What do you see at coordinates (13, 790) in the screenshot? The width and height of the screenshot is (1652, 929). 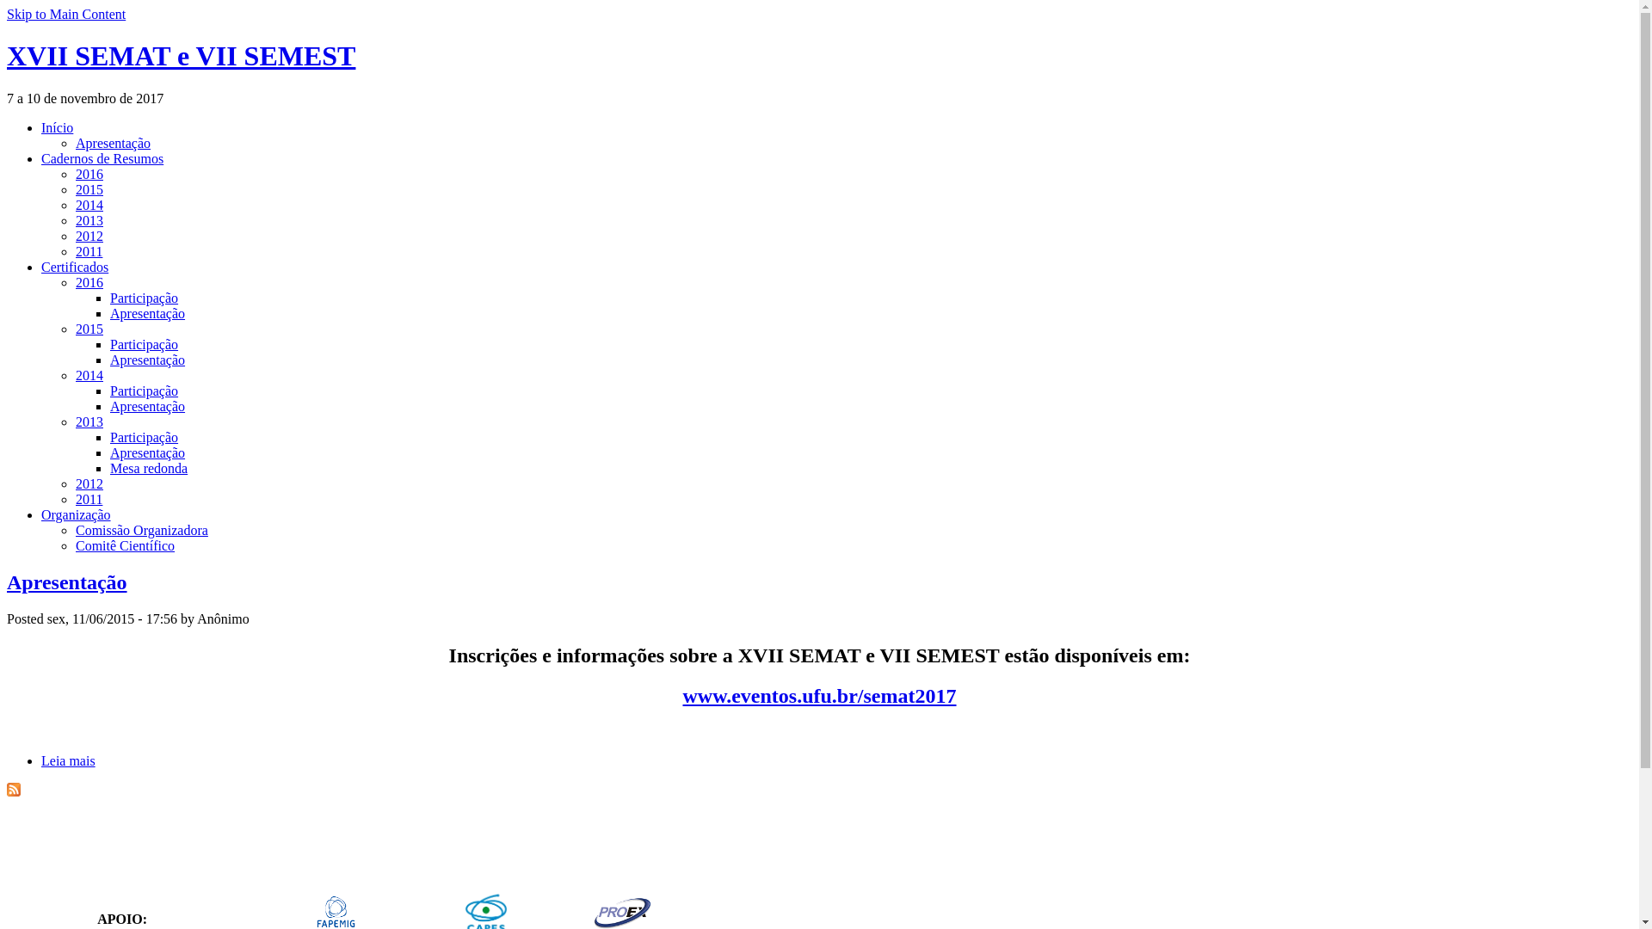 I see `'XVII SEMAT e VII SEMEST RSS'` at bounding box center [13, 790].